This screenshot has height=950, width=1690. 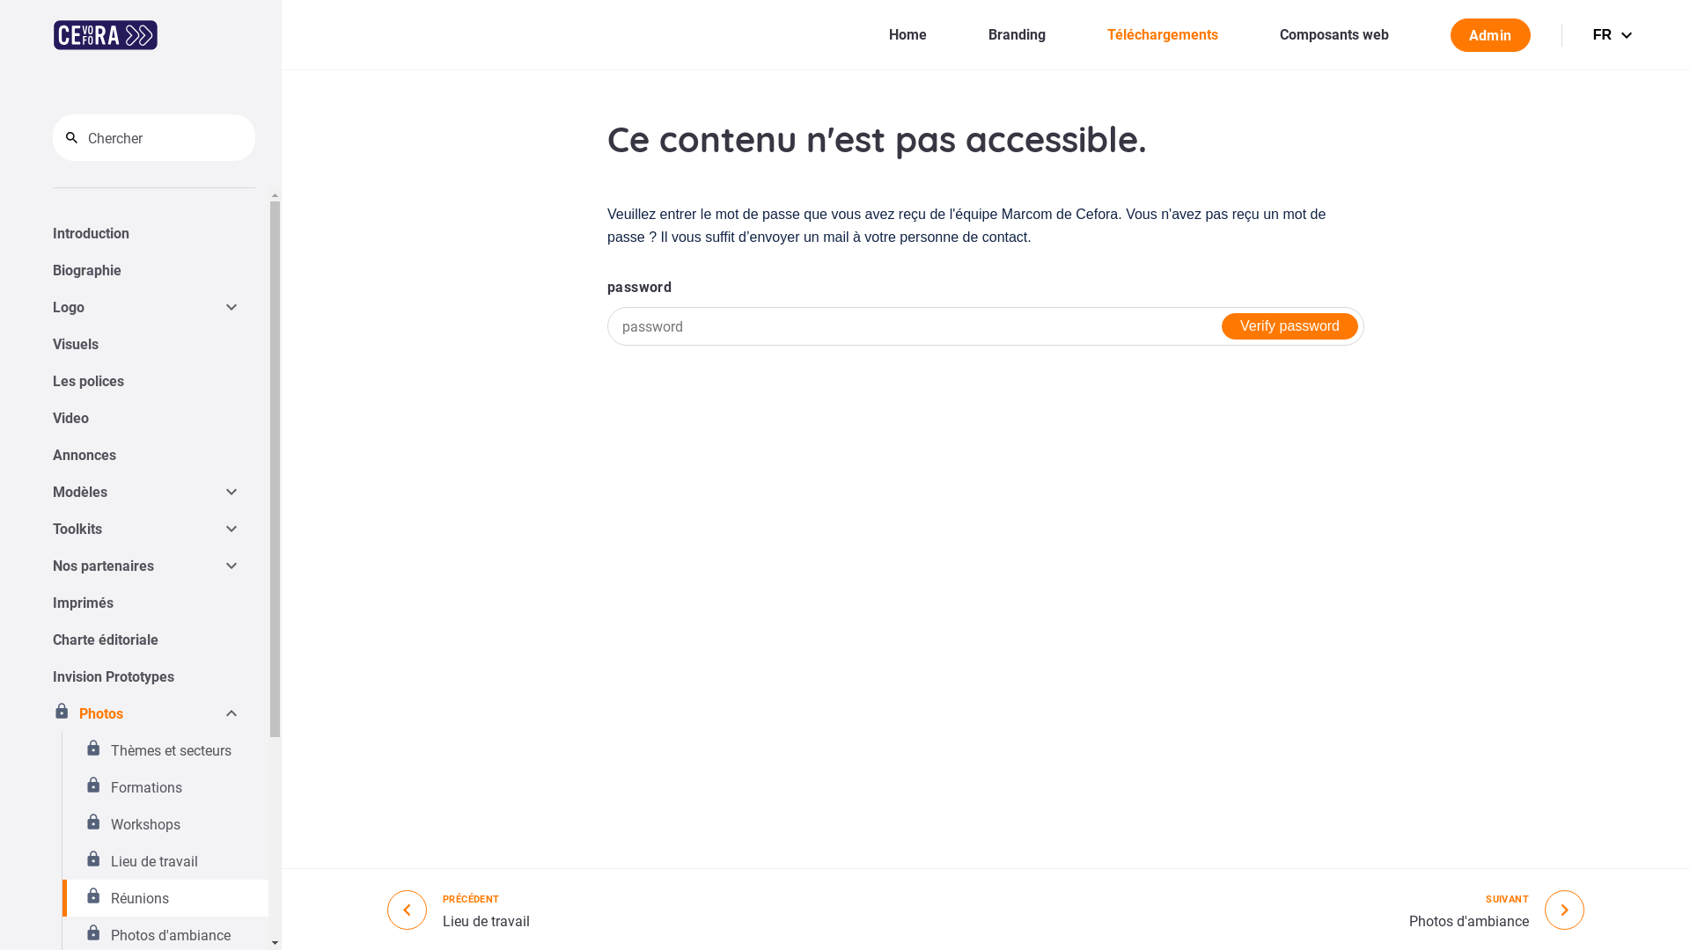 I want to click on 'Biographie', so click(x=147, y=270).